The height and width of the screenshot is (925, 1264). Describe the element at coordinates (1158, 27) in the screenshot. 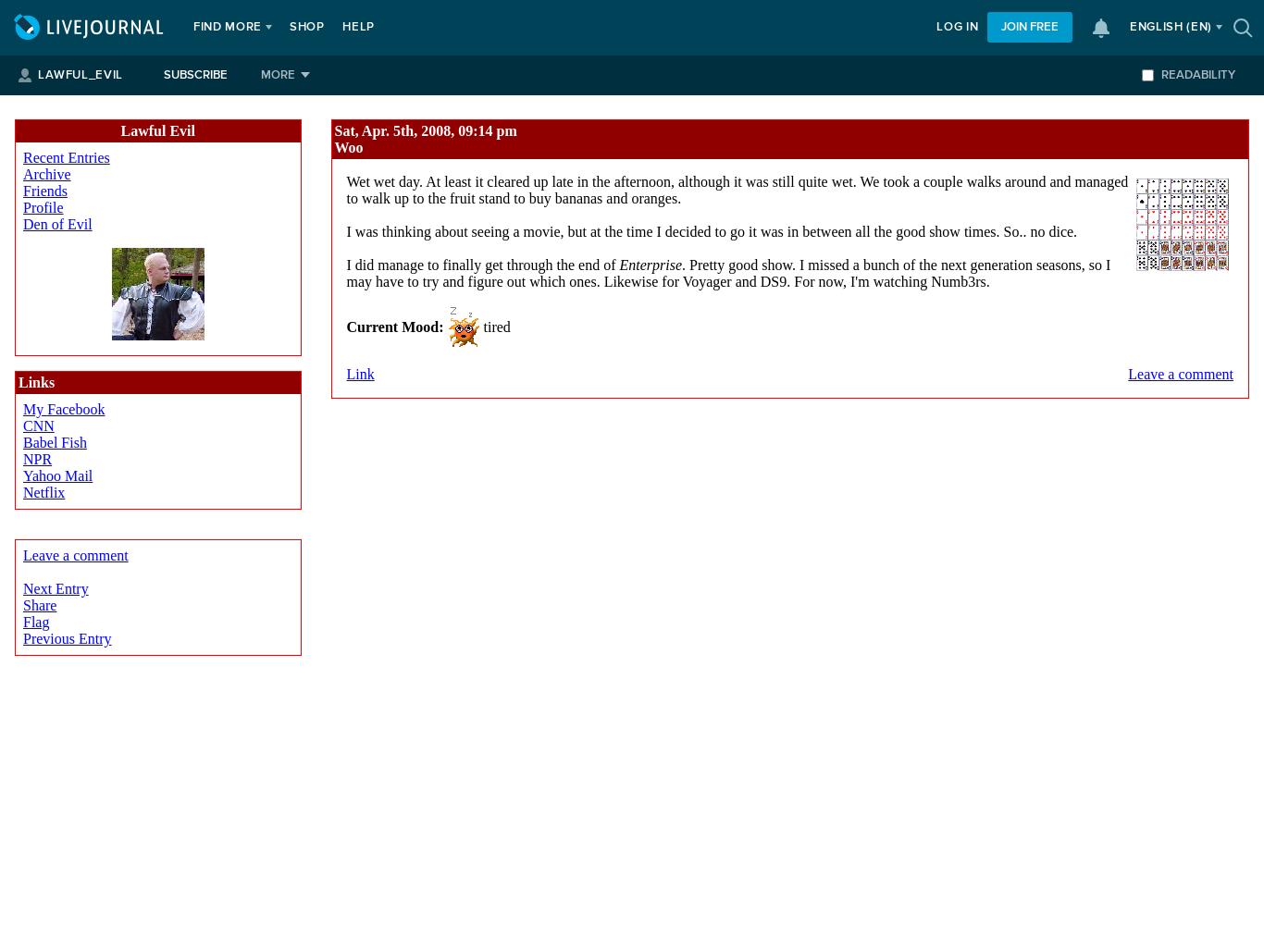

I see `'English'` at that location.